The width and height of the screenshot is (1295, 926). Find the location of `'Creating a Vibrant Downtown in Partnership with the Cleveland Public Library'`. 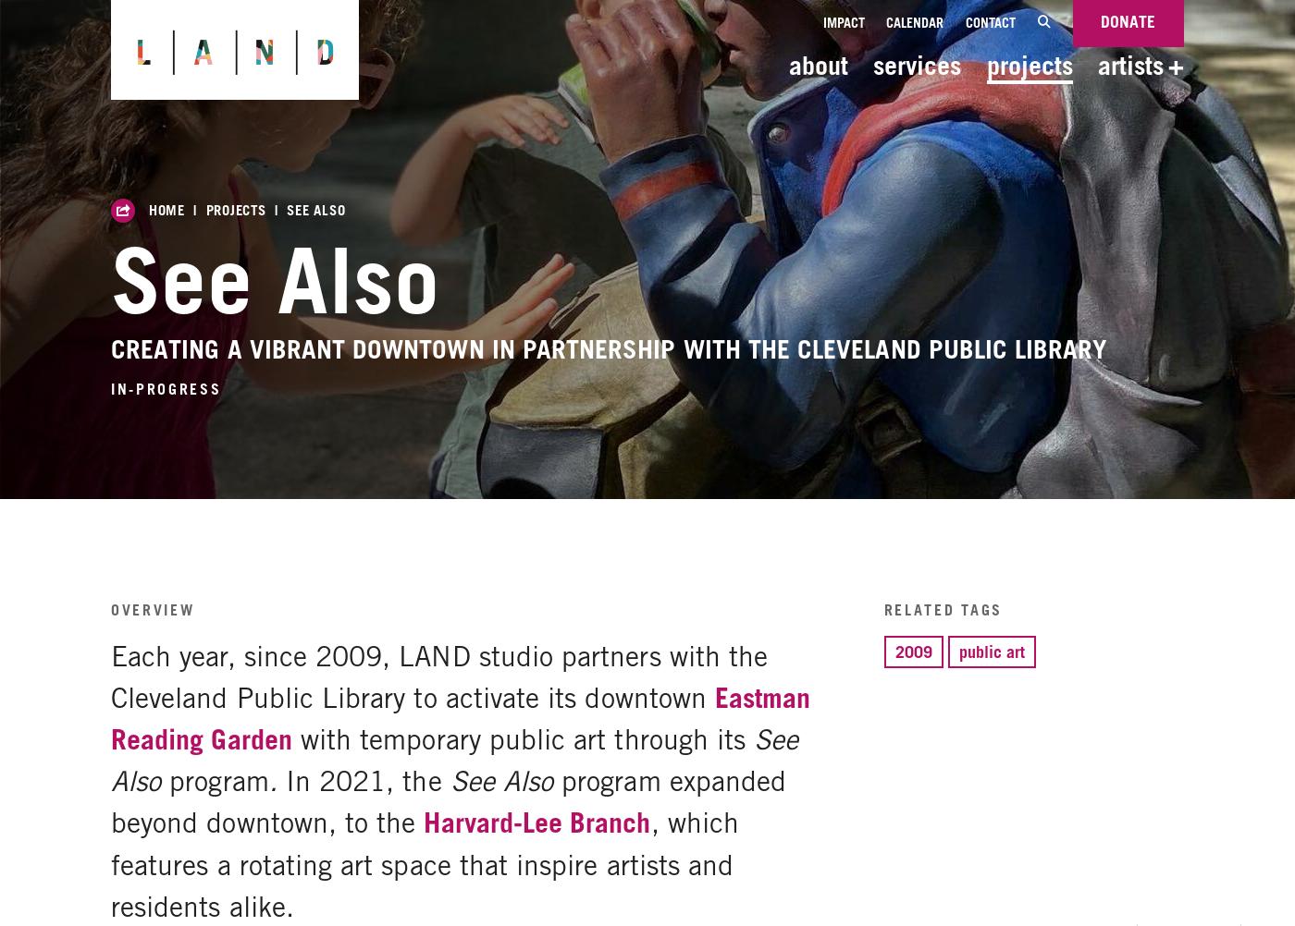

'Creating a Vibrant Downtown in Partnership with the Cleveland Public Library' is located at coordinates (110, 348).